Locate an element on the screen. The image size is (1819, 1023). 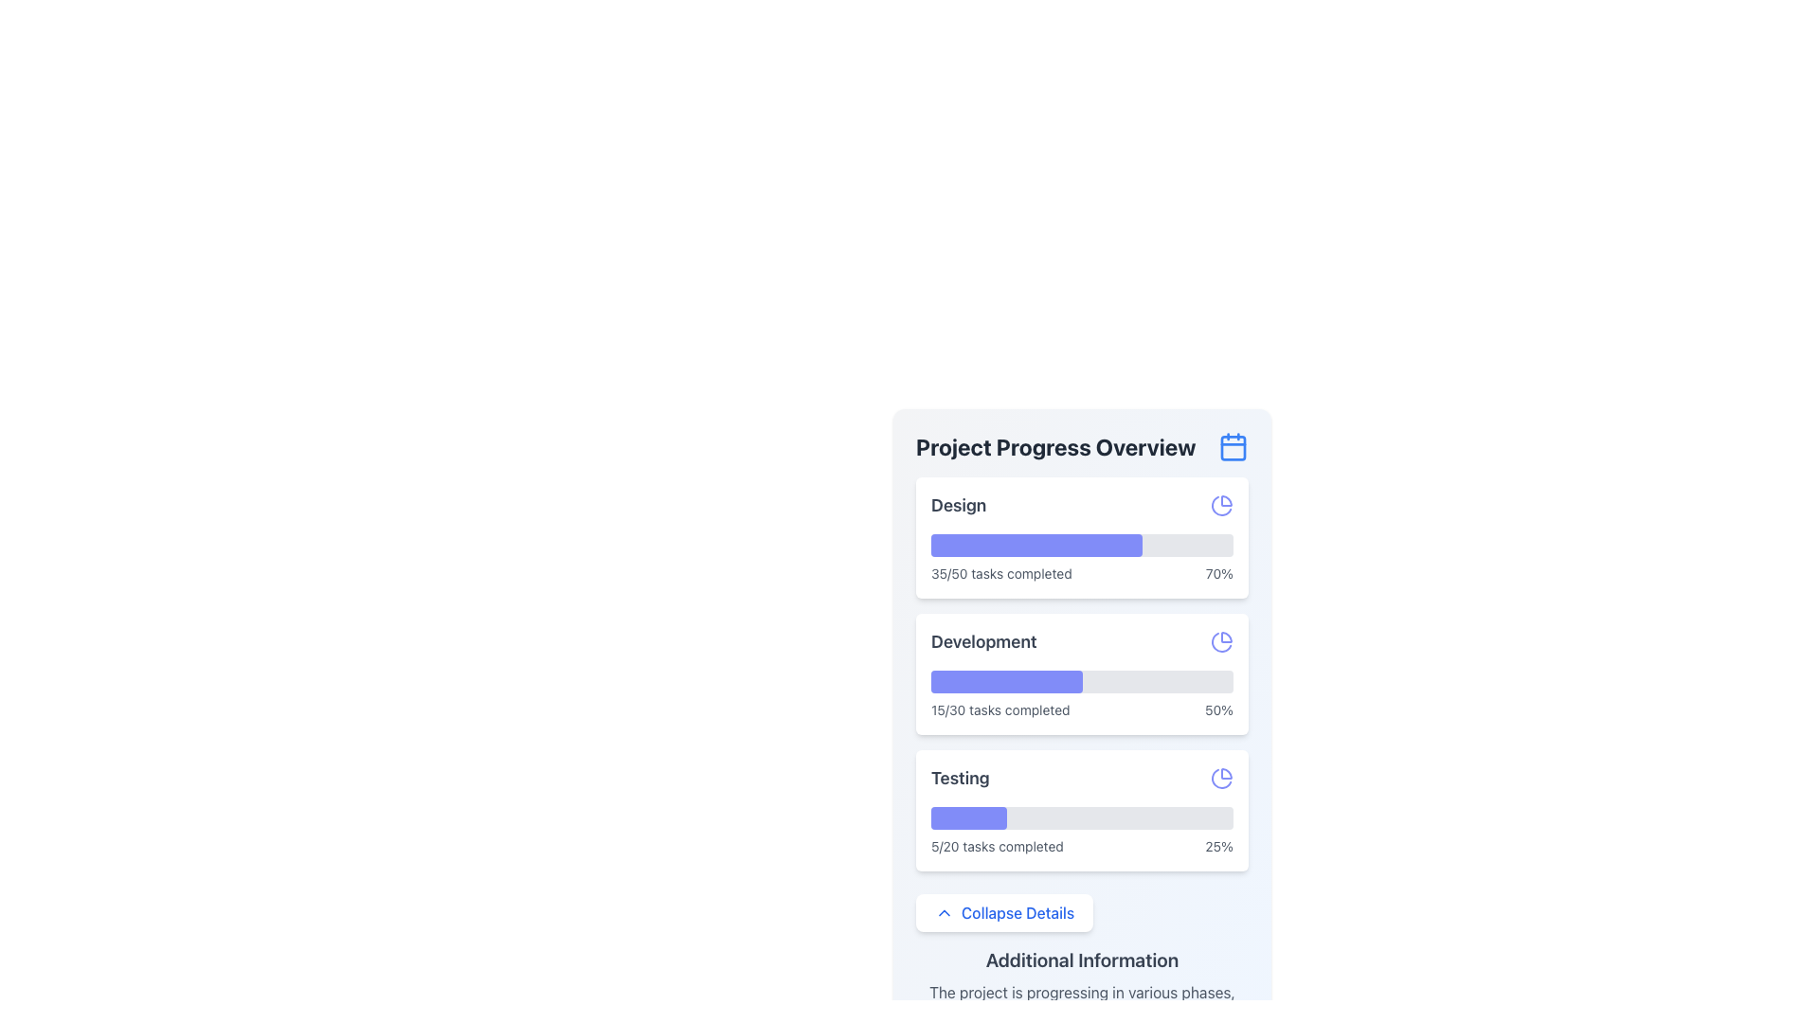
the text label displaying 'Design' in bold dark gray font, located within the 'Project Progress Overview' section, positioned before the pie chart icon is located at coordinates (959, 504).